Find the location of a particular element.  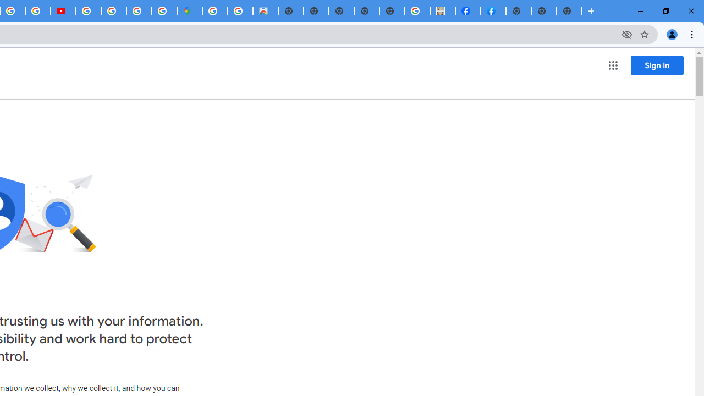

'Miley Cyrus | Facebook' is located at coordinates (468, 11).